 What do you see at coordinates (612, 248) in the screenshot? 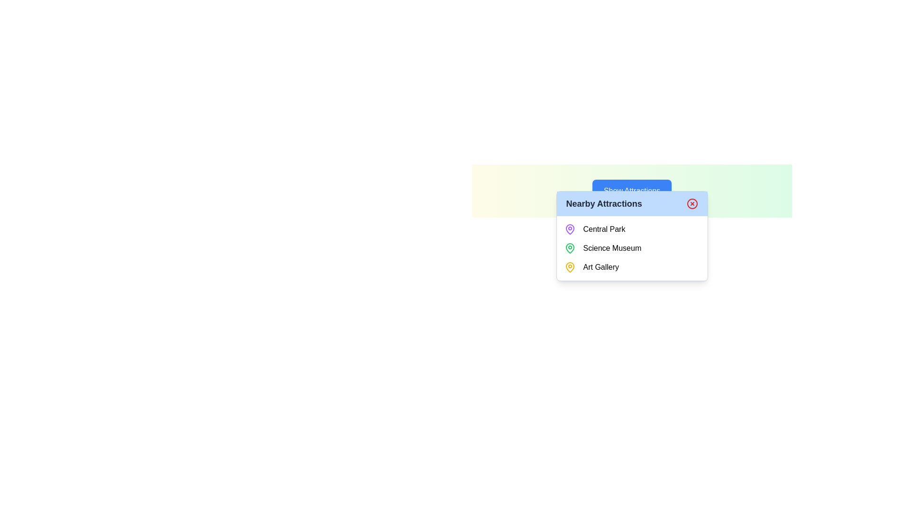
I see `the 'Science Museum' text label in the dropdown menu labeled 'Nearby Attractions'` at bounding box center [612, 248].